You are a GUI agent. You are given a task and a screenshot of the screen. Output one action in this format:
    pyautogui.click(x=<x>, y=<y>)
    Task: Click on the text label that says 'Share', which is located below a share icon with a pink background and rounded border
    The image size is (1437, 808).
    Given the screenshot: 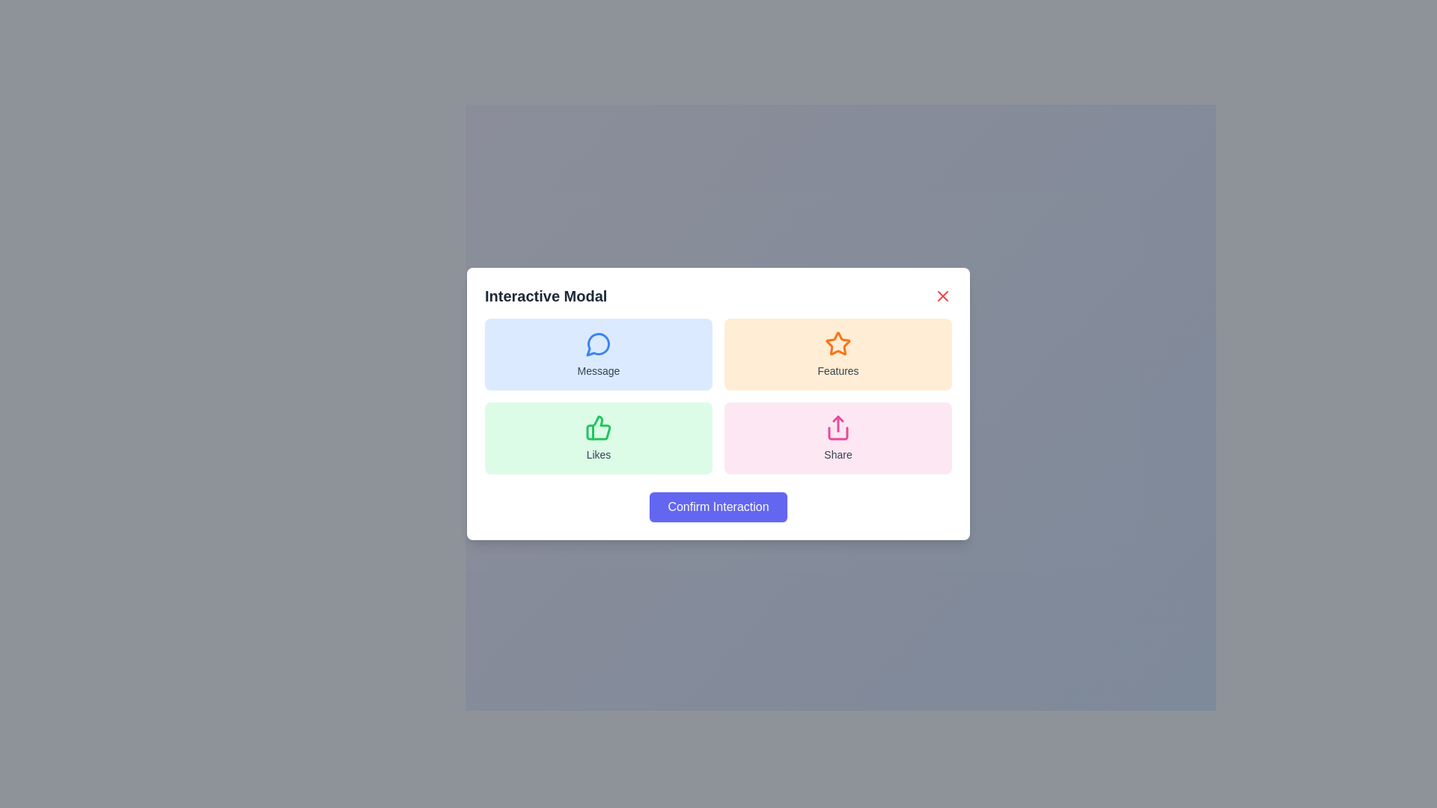 What is the action you would take?
    pyautogui.click(x=837, y=454)
    